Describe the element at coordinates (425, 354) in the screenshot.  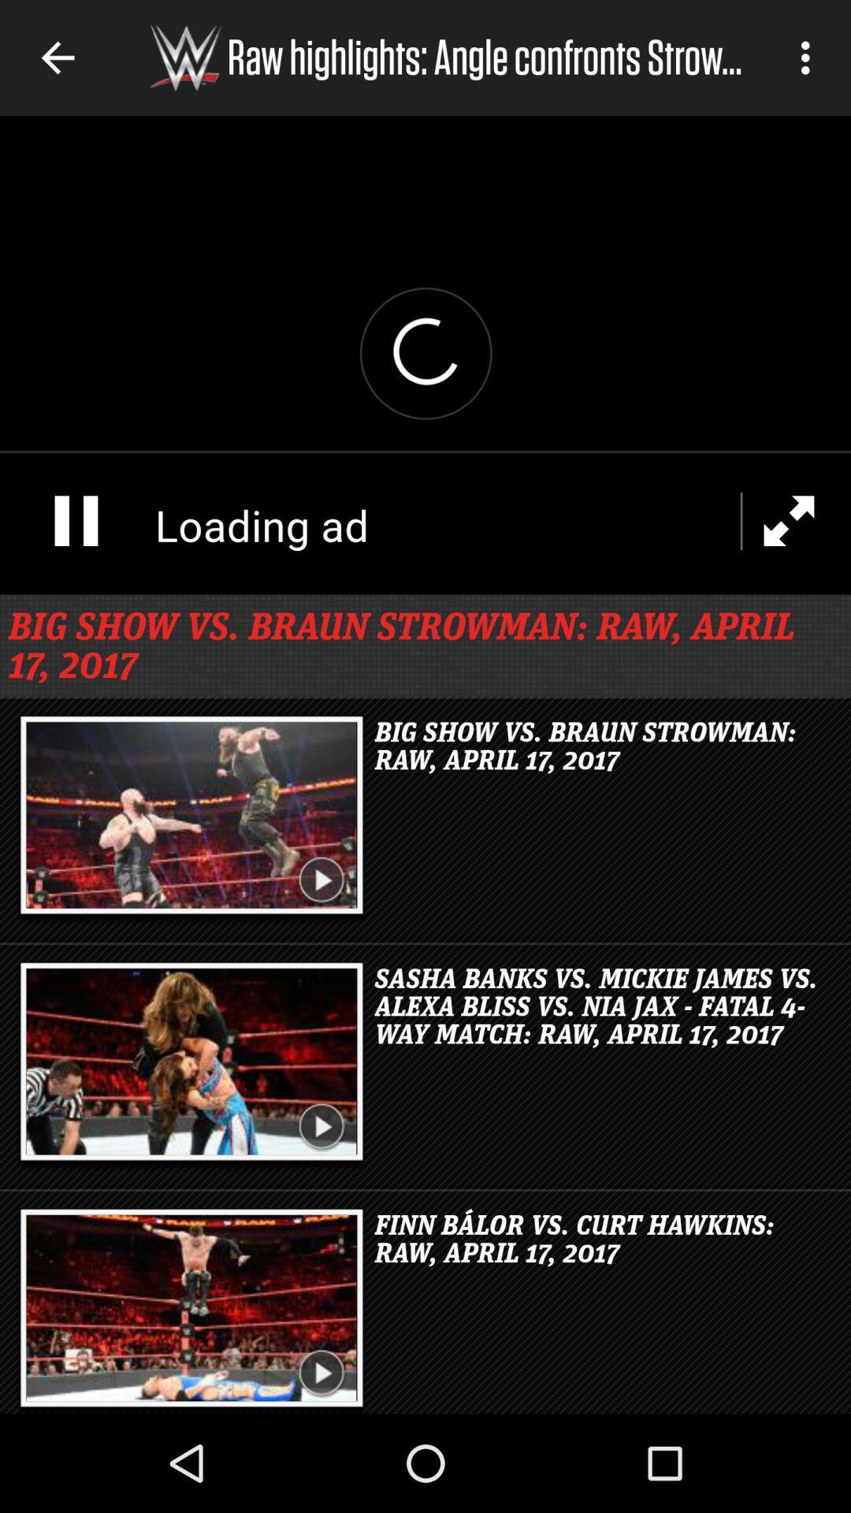
I see `video streaming` at that location.